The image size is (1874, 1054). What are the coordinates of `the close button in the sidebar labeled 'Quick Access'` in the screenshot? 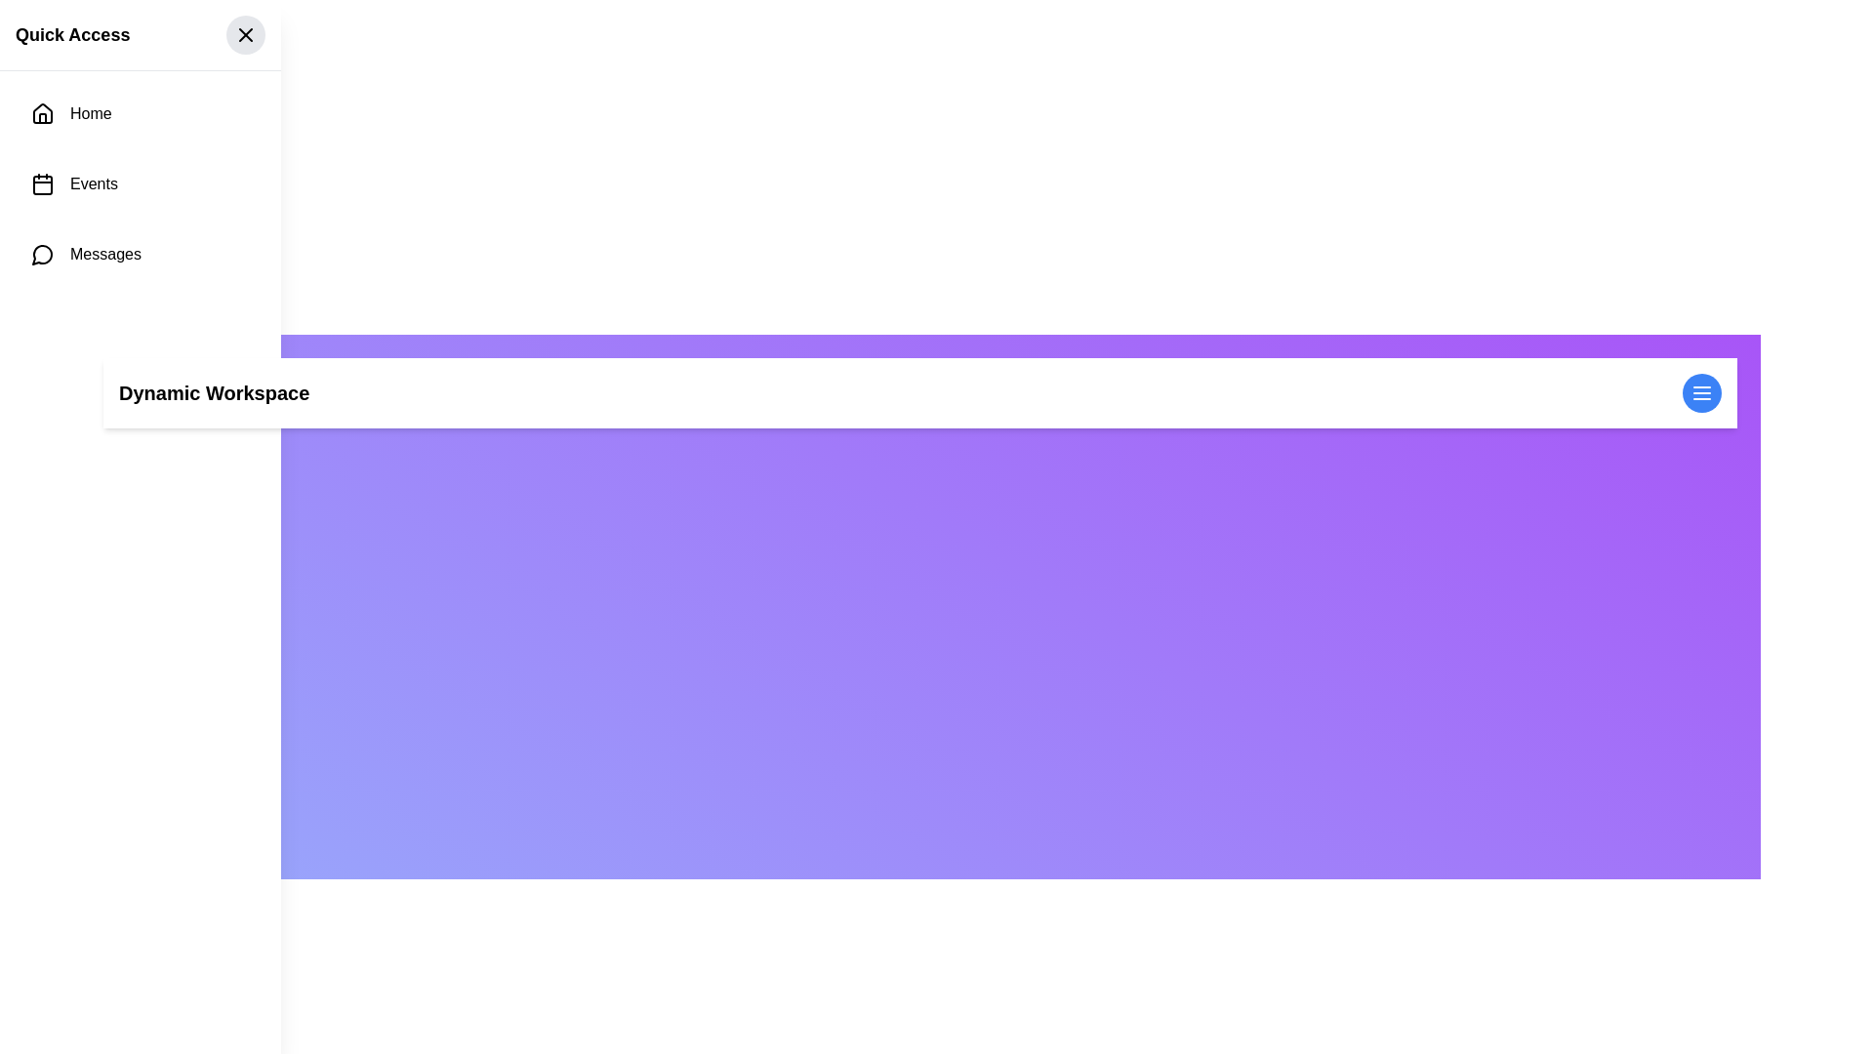 It's located at (245, 34).